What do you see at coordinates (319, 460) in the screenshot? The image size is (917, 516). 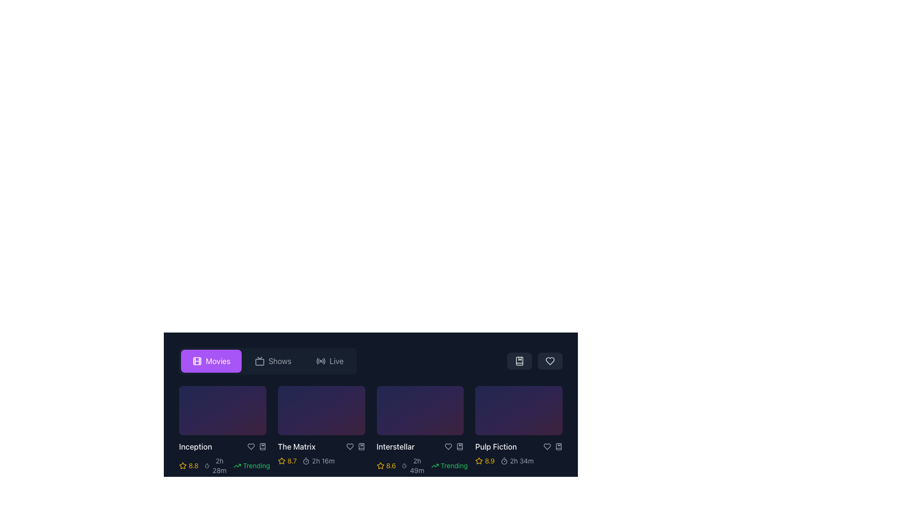 I see `the text label displaying the duration of the movie 'The Matrix', which is positioned to the right of the yellow rating number and star icon in the details section` at bounding box center [319, 460].